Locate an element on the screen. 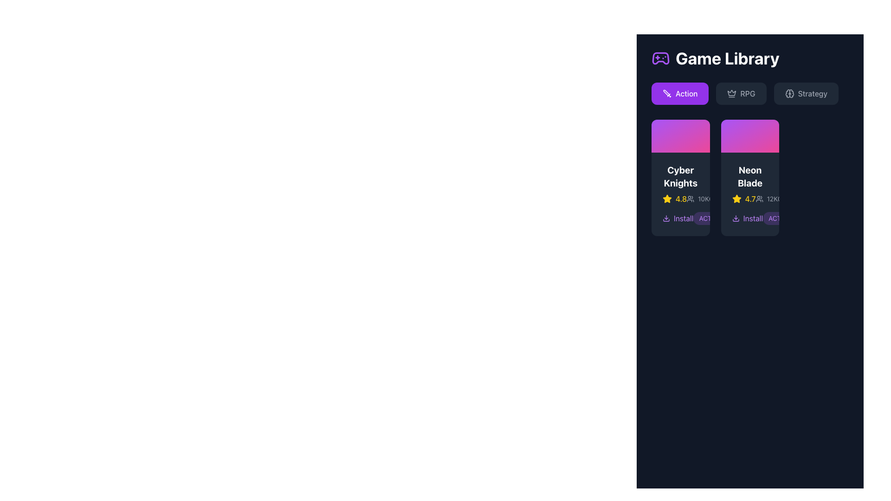  the interactive label button for the game 'Neon Blade' located at the bottom of its card in the 'Game Library' list is located at coordinates (750, 218).